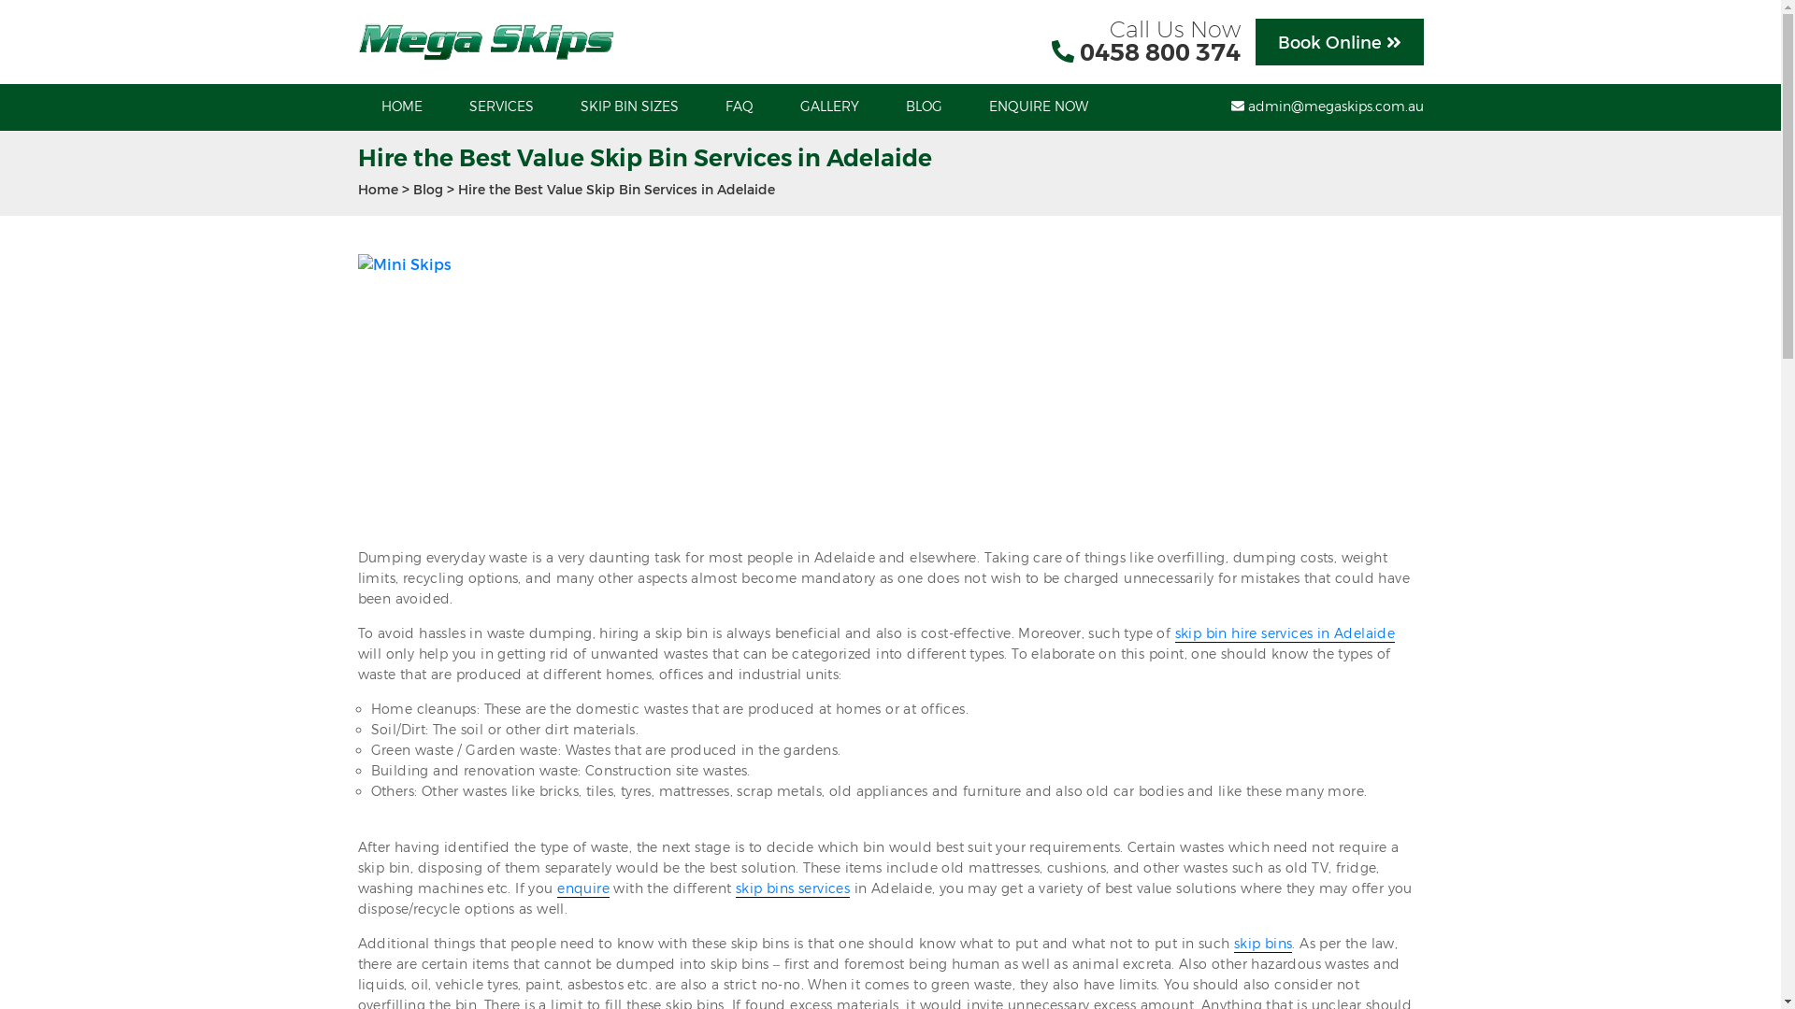 Image resolution: width=1795 pixels, height=1009 pixels. I want to click on 'skip bins services', so click(793, 888).